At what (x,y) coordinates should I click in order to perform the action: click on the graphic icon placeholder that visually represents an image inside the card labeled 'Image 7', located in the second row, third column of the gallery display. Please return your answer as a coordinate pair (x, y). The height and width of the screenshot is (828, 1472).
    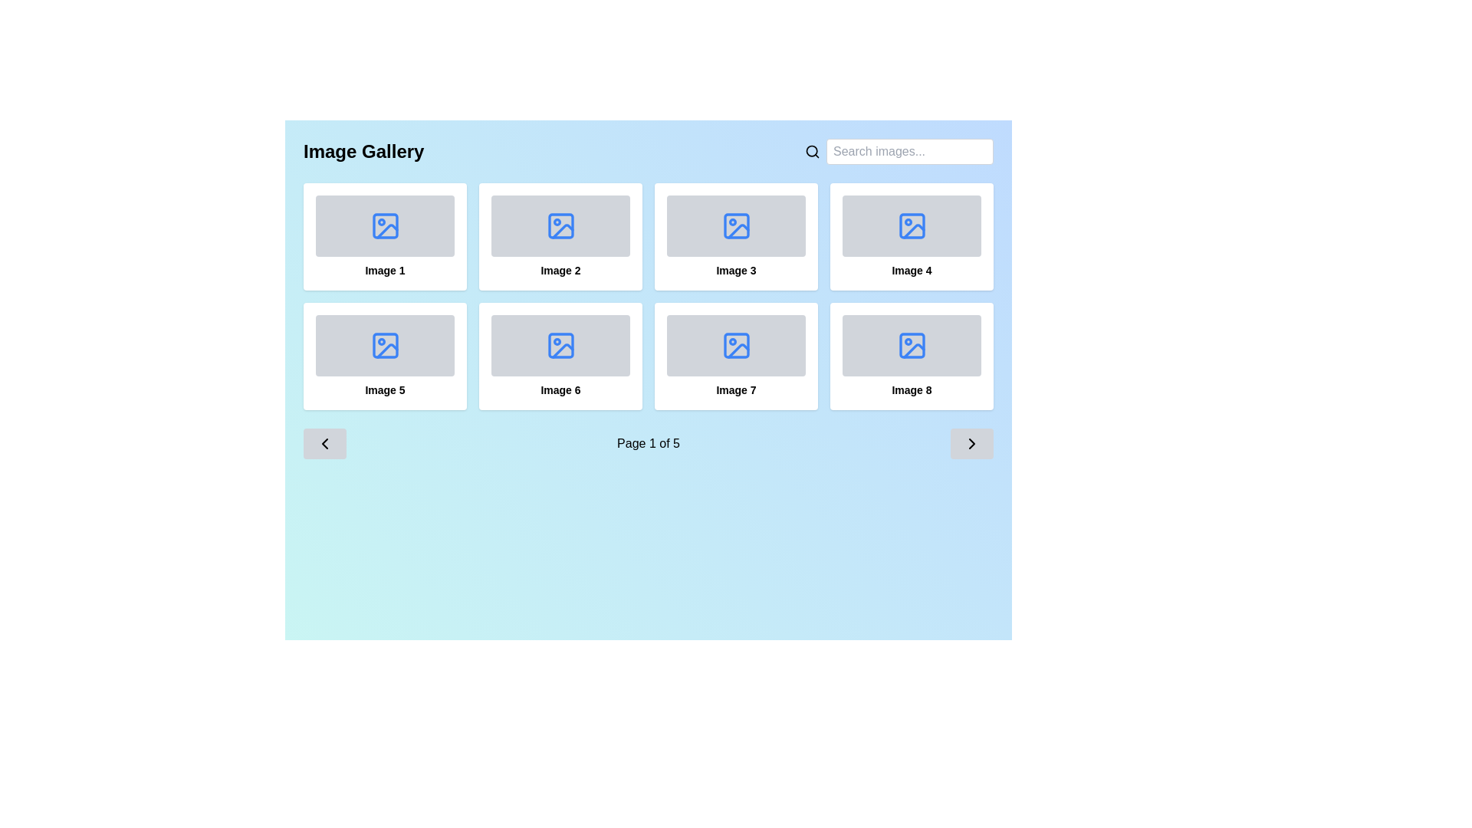
    Looking at the image, I should click on (736, 346).